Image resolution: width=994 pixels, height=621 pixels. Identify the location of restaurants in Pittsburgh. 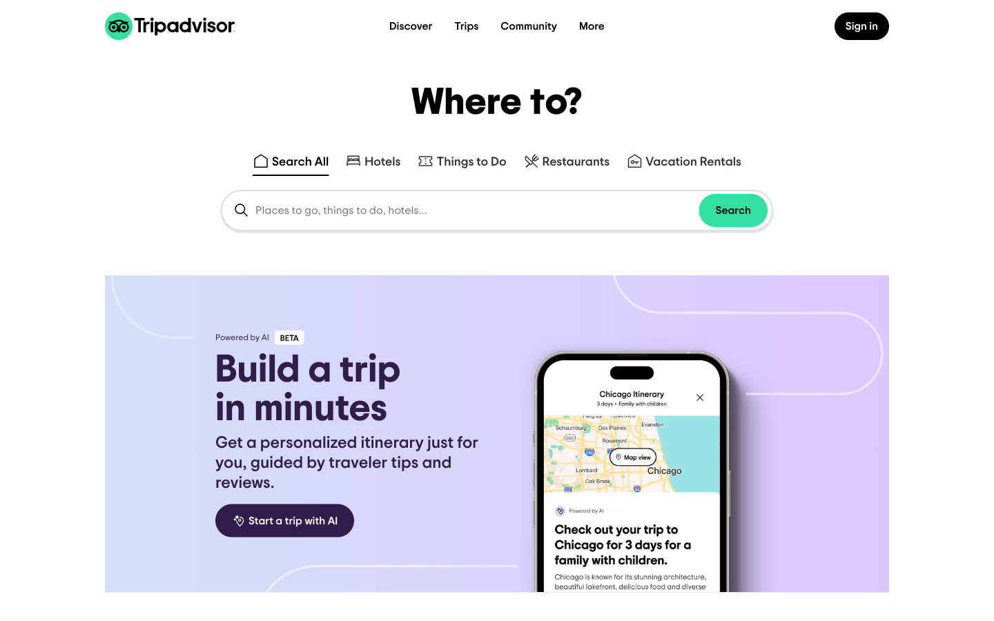
(566, 156).